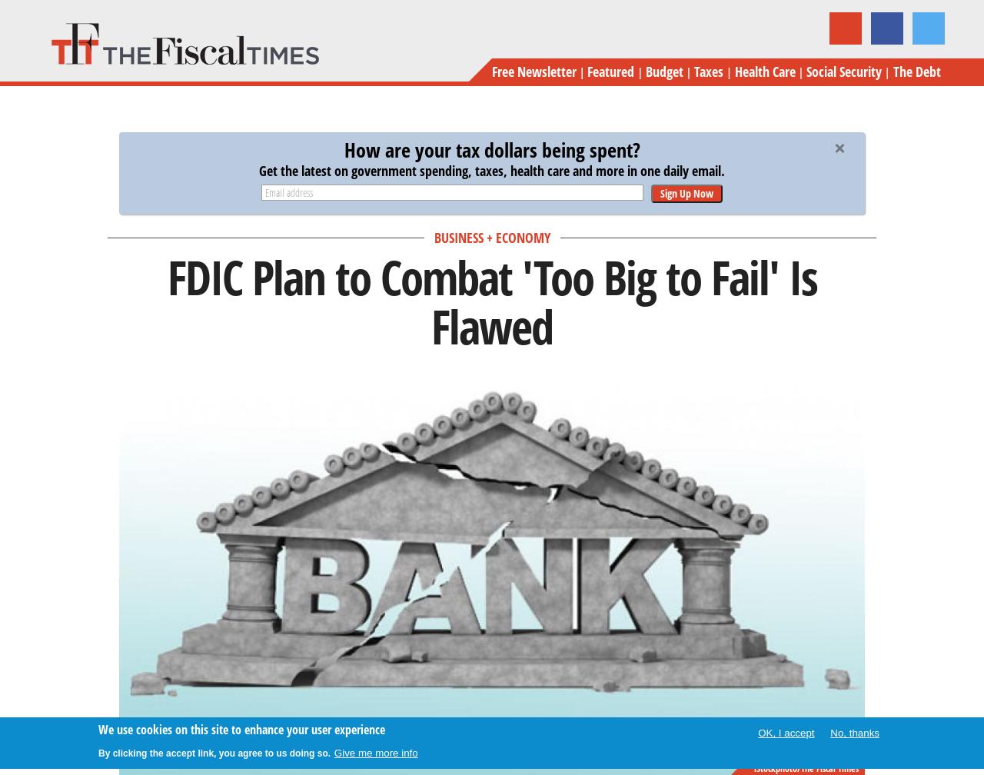 The width and height of the screenshot is (984, 775). Describe the element at coordinates (786, 733) in the screenshot. I see `'OK, I accept'` at that location.